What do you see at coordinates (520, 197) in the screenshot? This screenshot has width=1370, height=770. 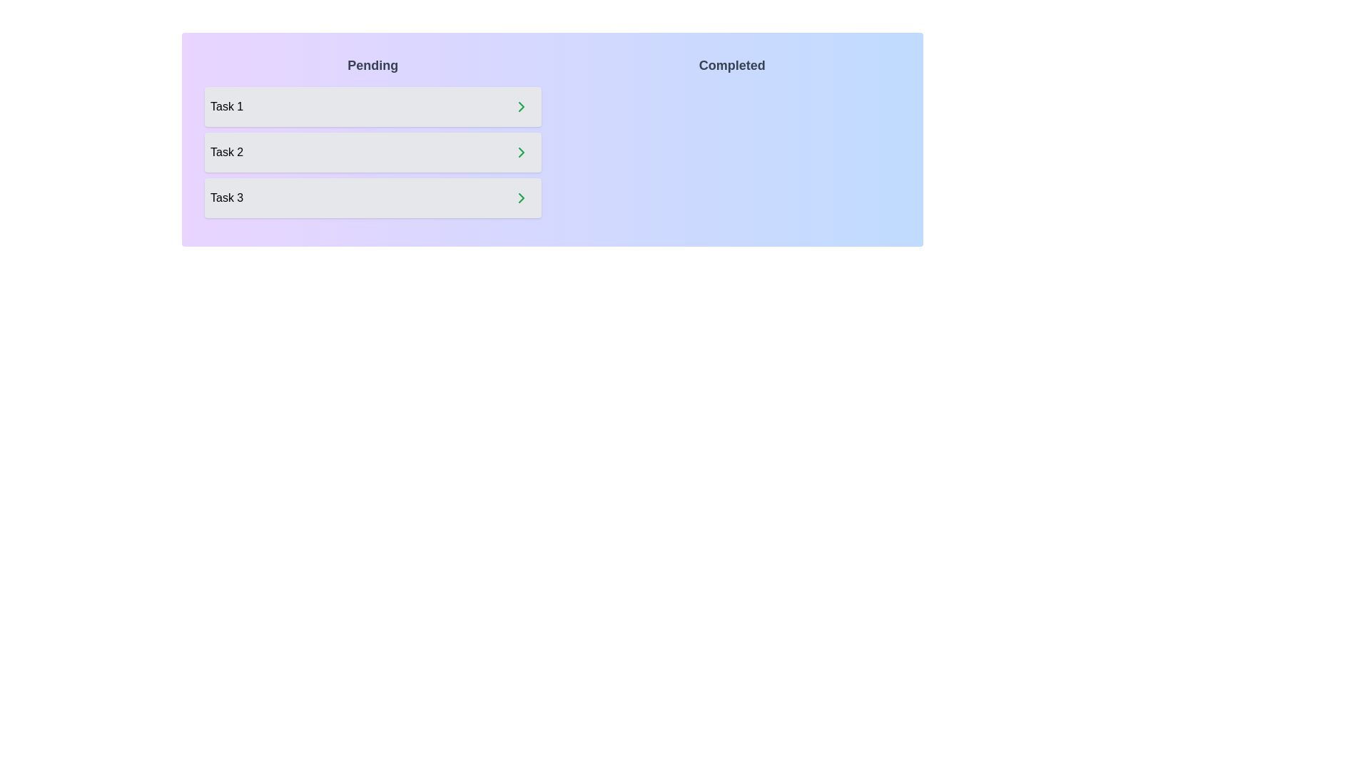 I see `right arrow button next to the task 'Task 3' in the 'Pending' list to move it to the 'Completed' list` at bounding box center [520, 197].